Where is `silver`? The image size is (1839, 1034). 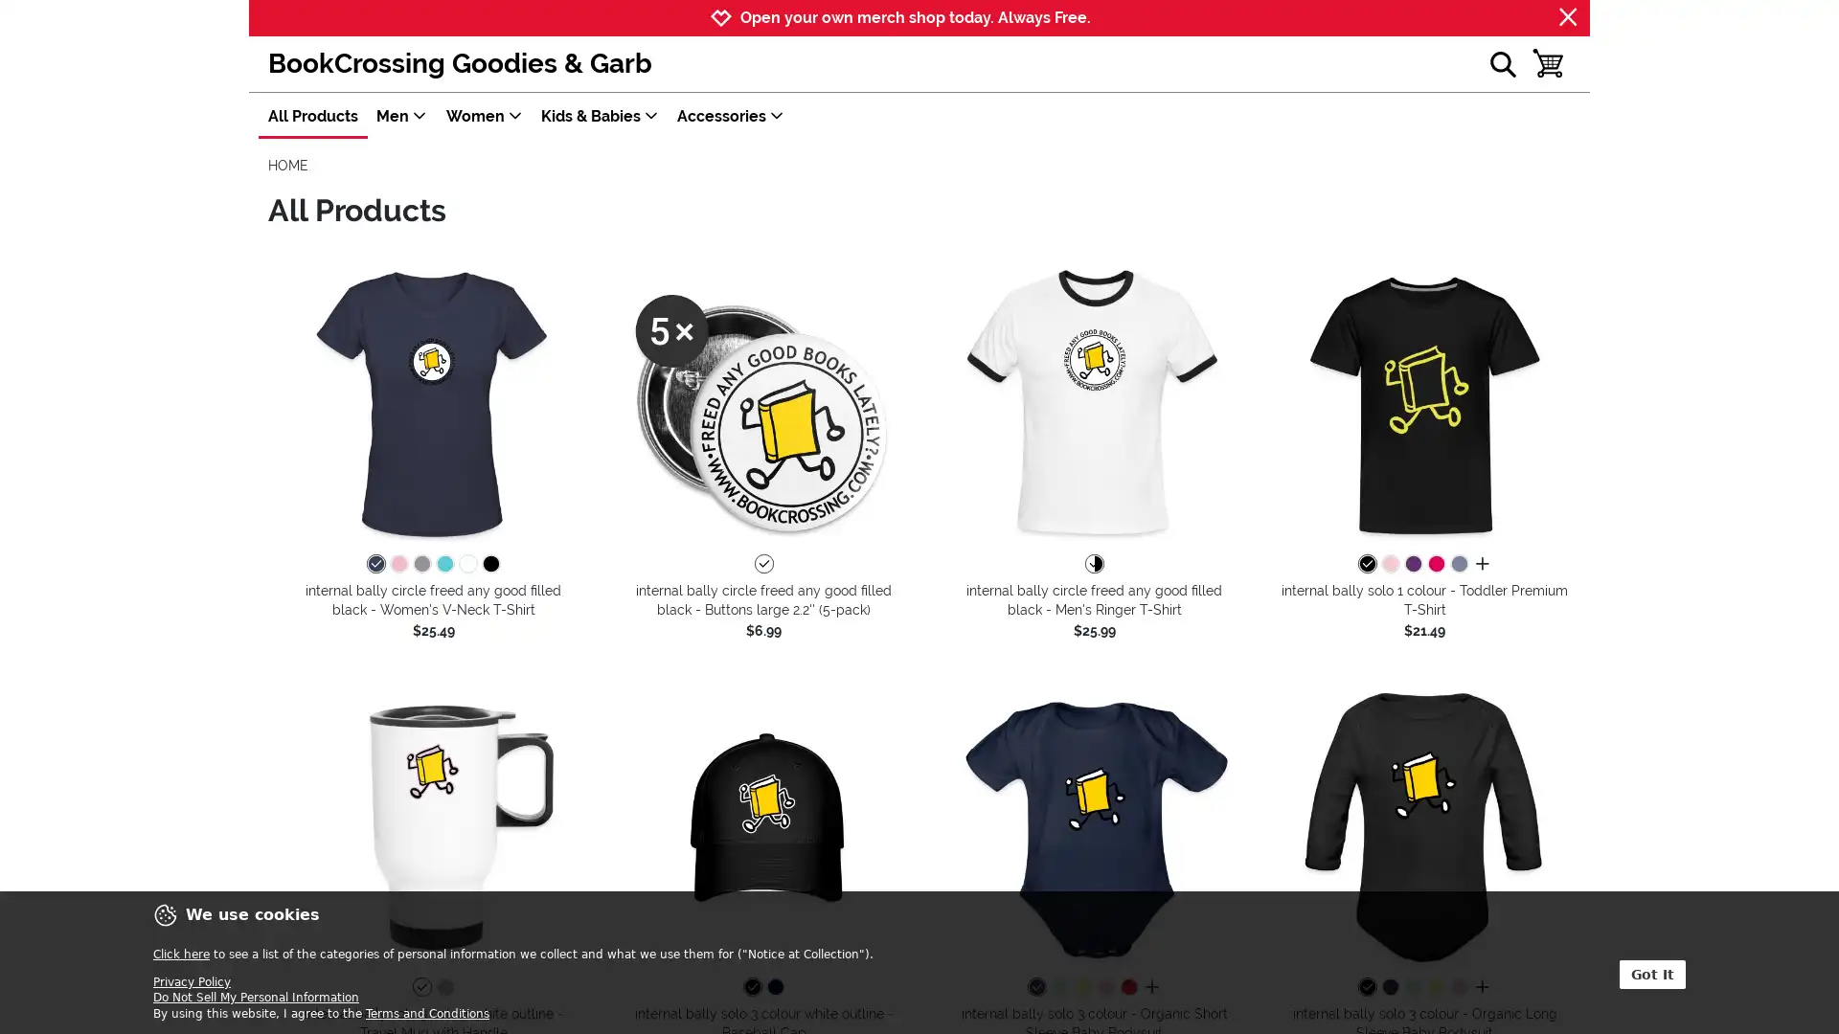 silver is located at coordinates (443, 988).